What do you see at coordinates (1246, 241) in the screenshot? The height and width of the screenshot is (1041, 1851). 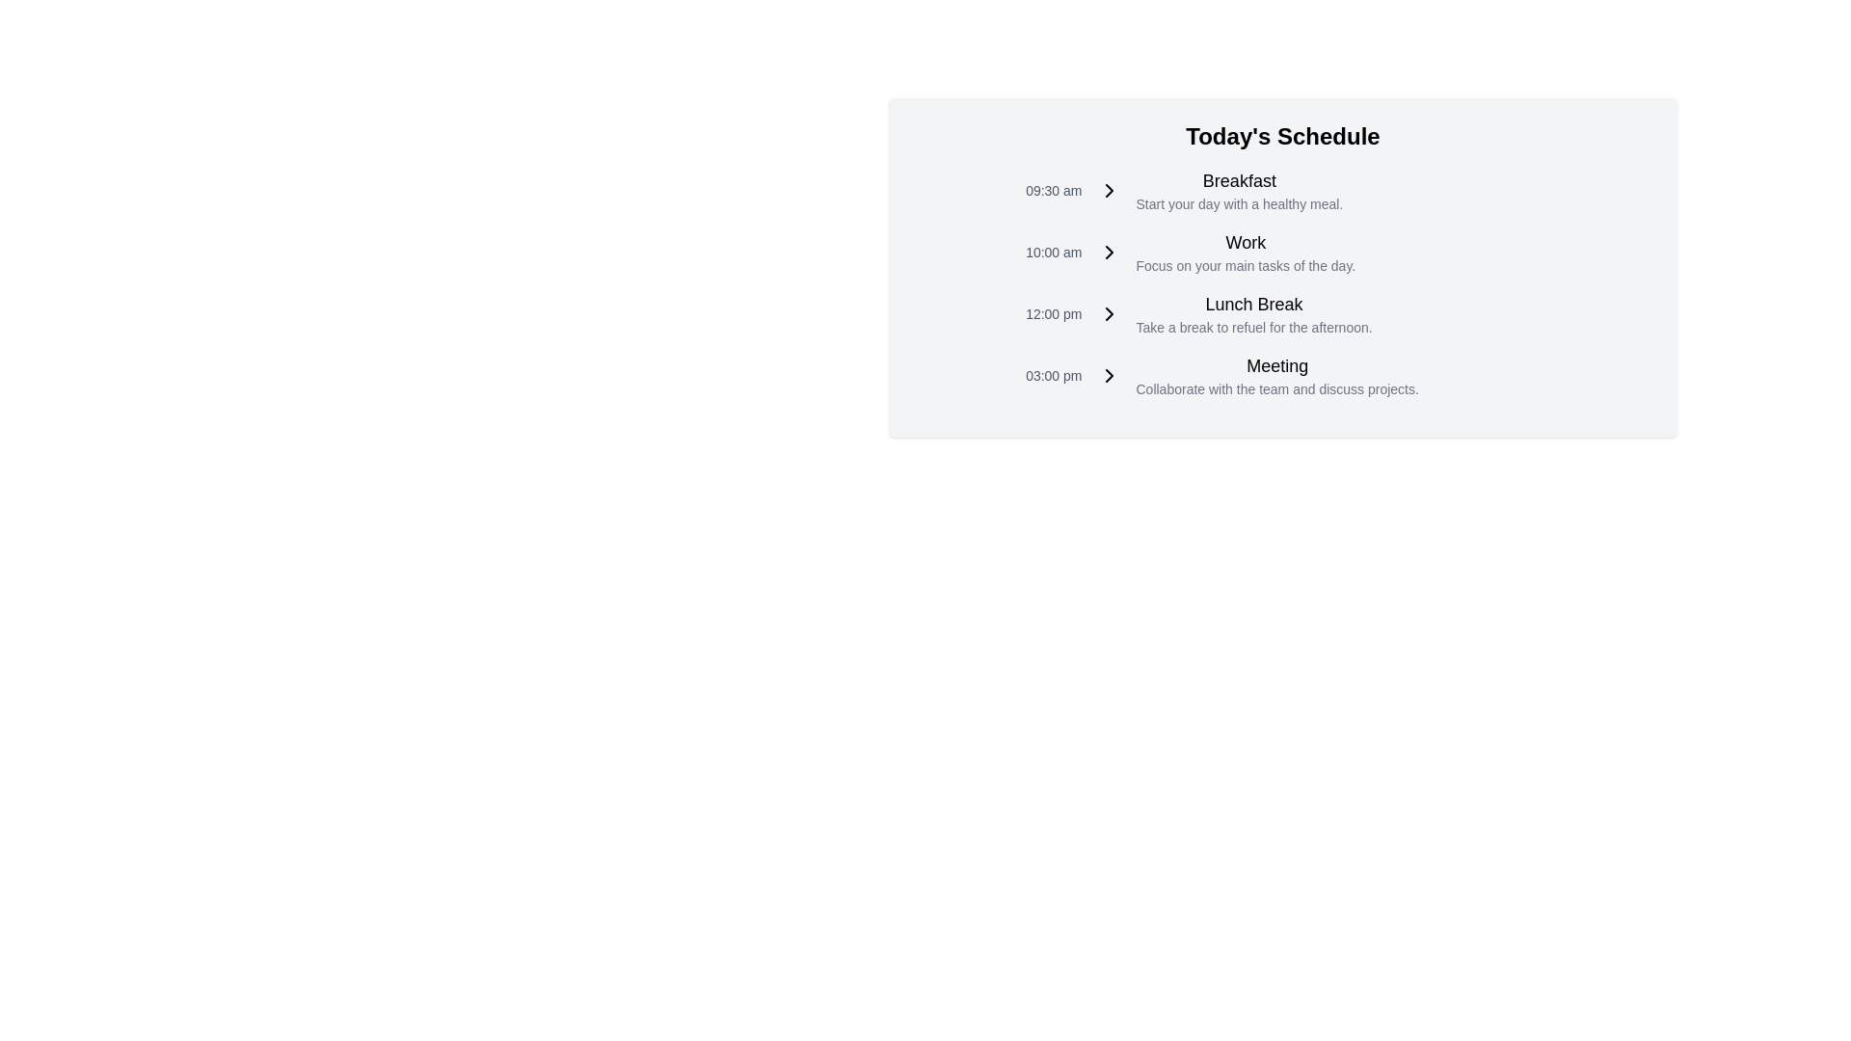 I see `the Text Label displaying 'Work', which serves as the title for the schedule item under the '10:00 am' entry` at bounding box center [1246, 241].